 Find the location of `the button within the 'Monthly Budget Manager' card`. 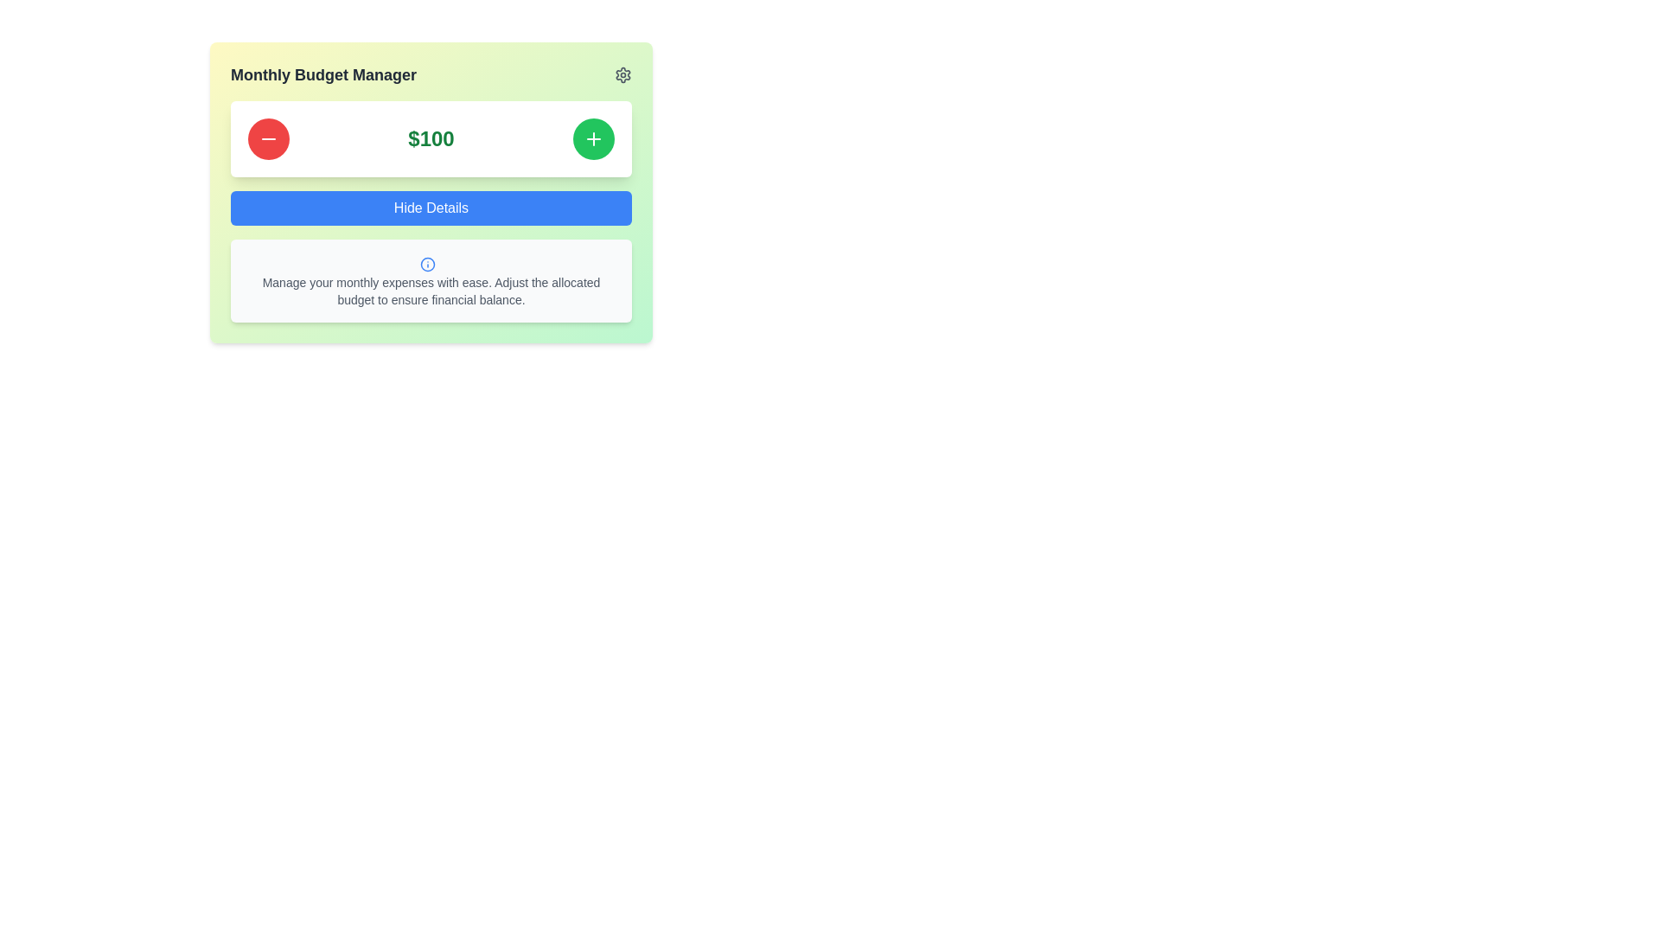

the button within the 'Monthly Budget Manager' card is located at coordinates (431, 211).